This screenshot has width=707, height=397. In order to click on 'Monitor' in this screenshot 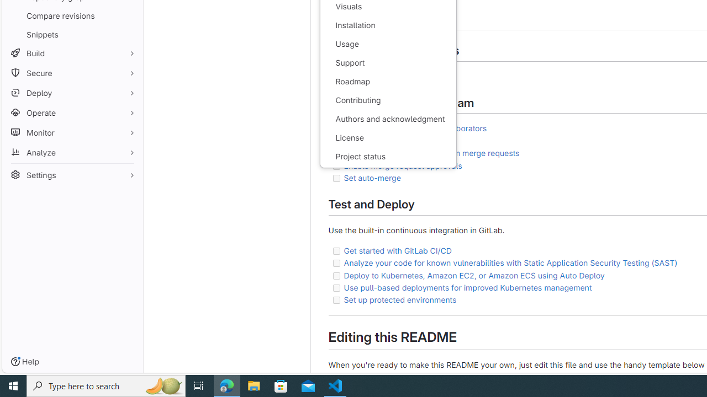, I will do `click(72, 132)`.